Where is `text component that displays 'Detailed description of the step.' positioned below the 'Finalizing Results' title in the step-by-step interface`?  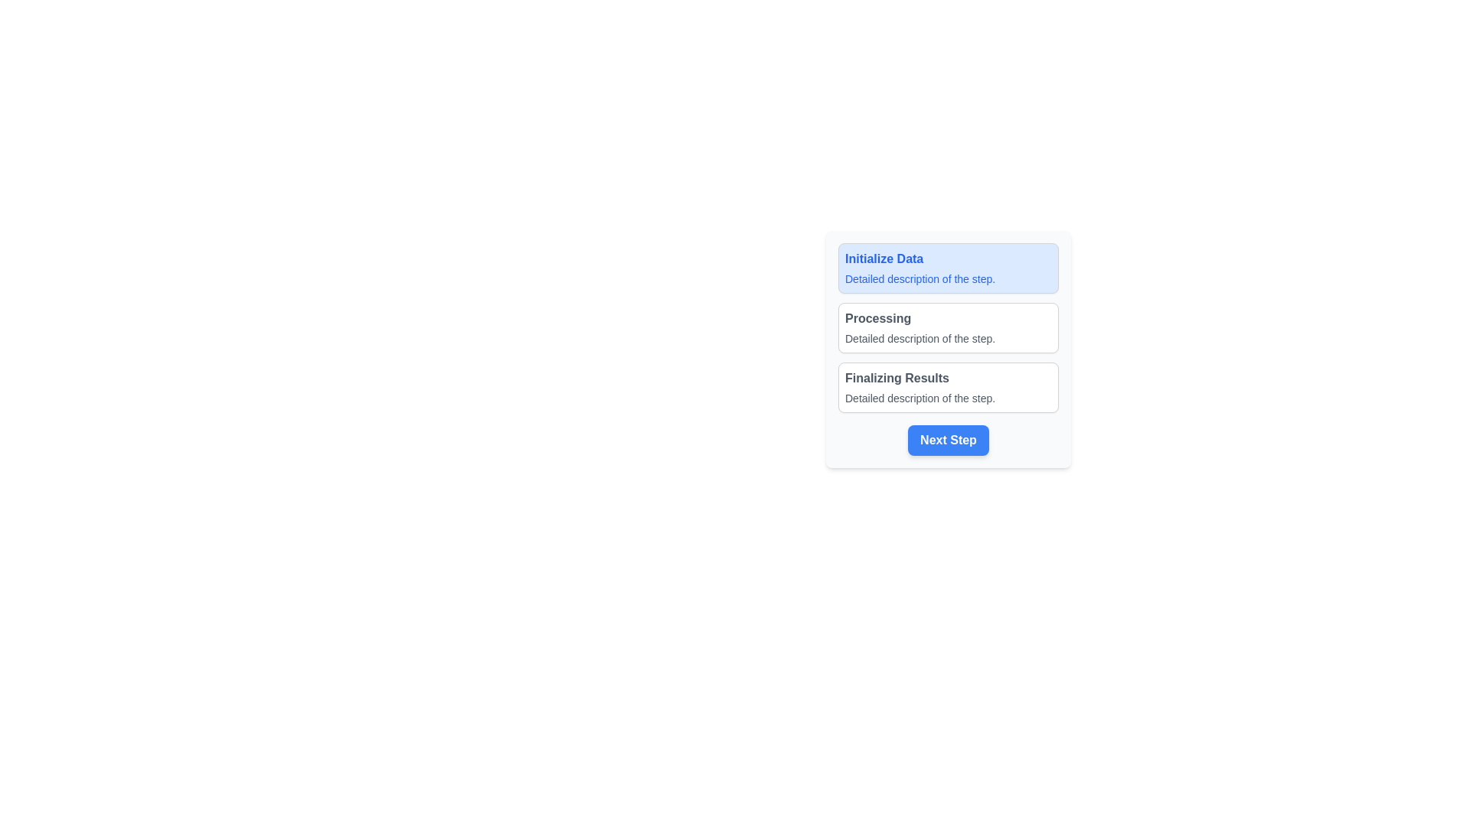
text component that displays 'Detailed description of the step.' positioned below the 'Finalizing Results' title in the step-by-step interface is located at coordinates (947, 397).